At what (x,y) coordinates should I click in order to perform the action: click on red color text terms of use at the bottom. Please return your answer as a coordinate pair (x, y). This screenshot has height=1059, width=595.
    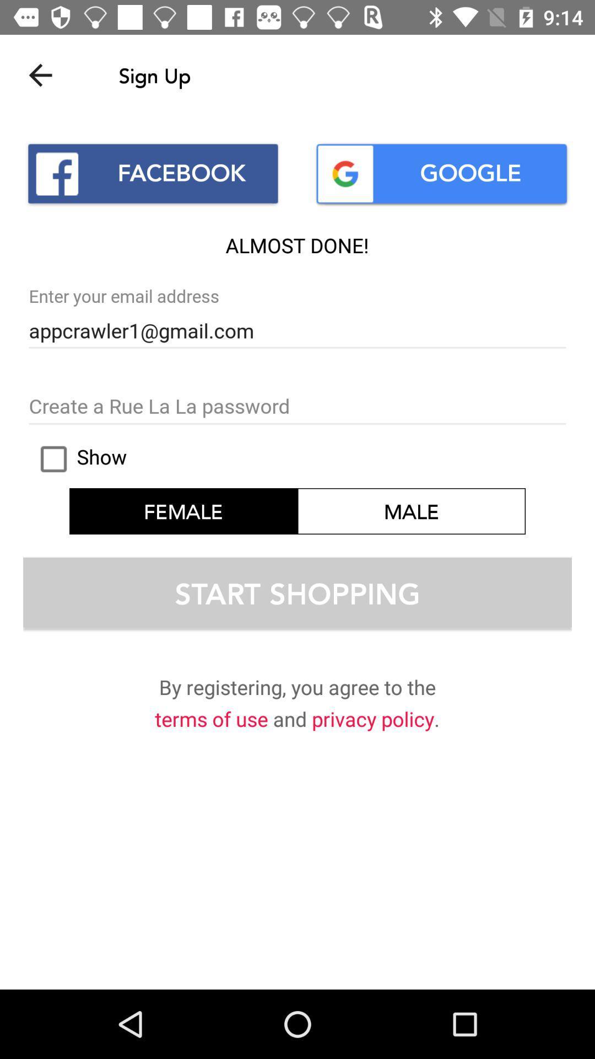
    Looking at the image, I should click on (212, 721).